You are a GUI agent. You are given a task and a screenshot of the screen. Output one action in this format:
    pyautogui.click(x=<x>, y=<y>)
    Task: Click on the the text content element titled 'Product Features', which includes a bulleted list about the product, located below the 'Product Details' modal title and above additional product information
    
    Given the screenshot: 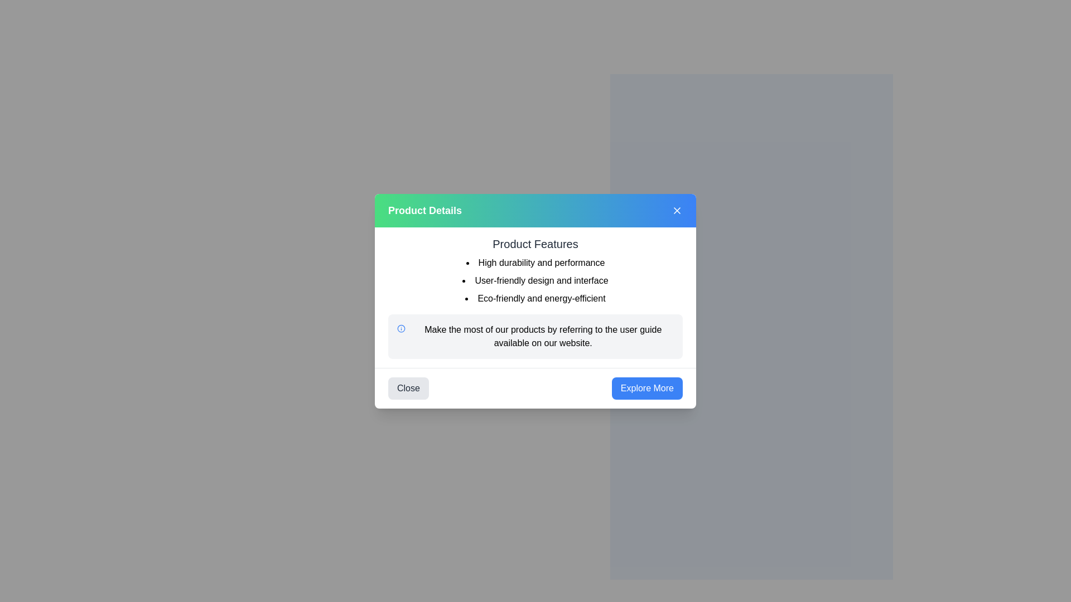 What is the action you would take?
    pyautogui.click(x=535, y=270)
    